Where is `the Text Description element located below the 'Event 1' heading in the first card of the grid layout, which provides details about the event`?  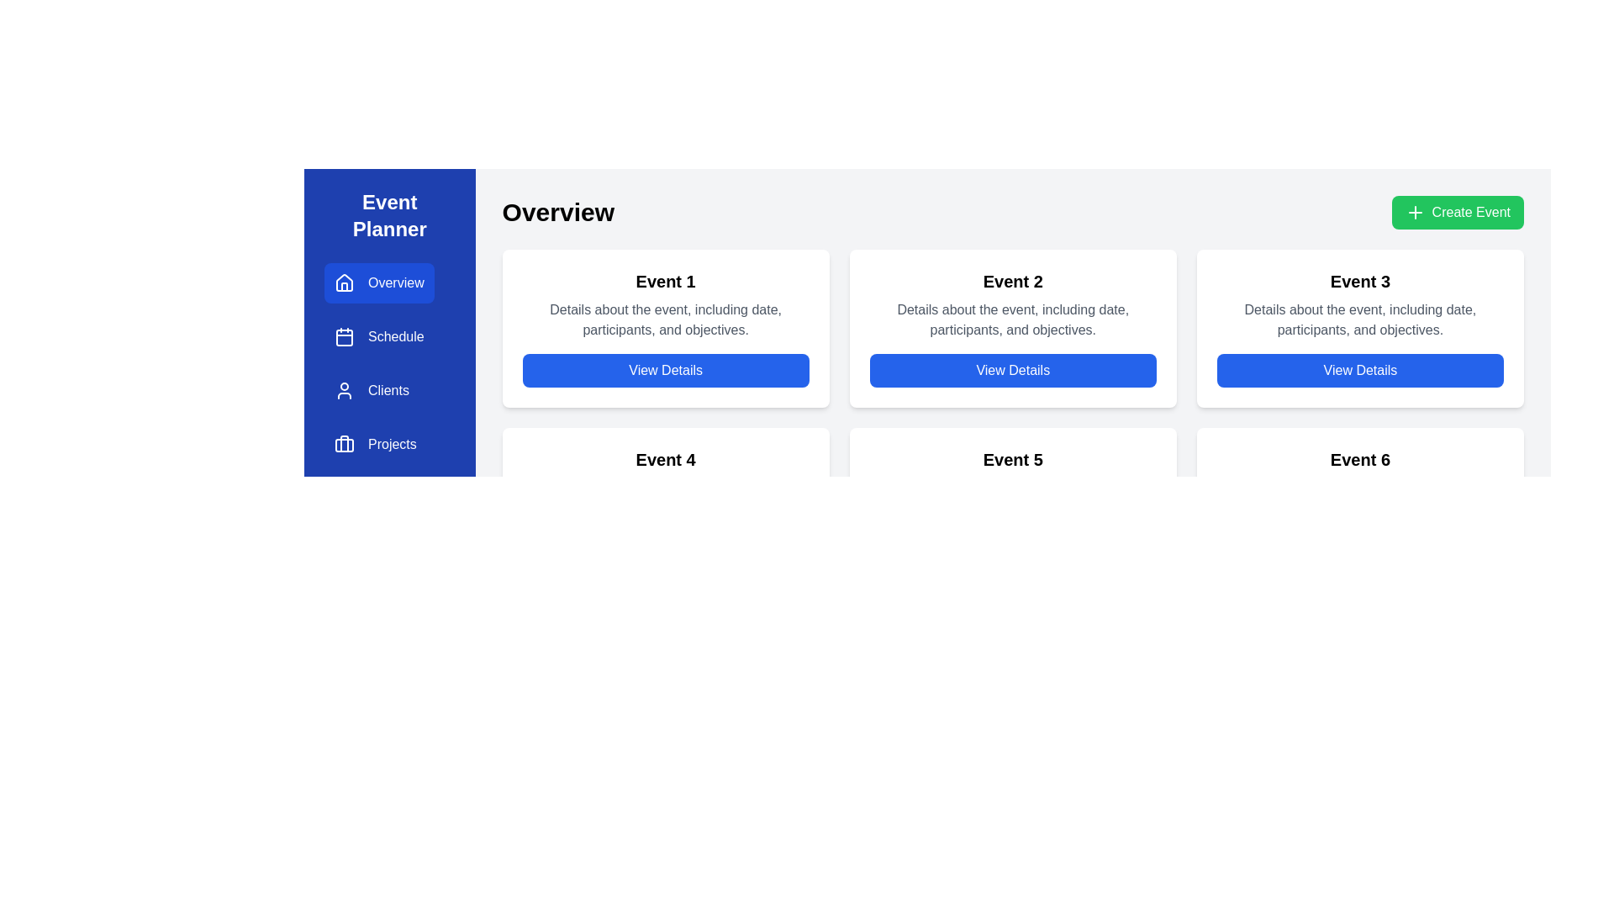 the Text Description element located below the 'Event 1' heading in the first card of the grid layout, which provides details about the event is located at coordinates (665, 320).